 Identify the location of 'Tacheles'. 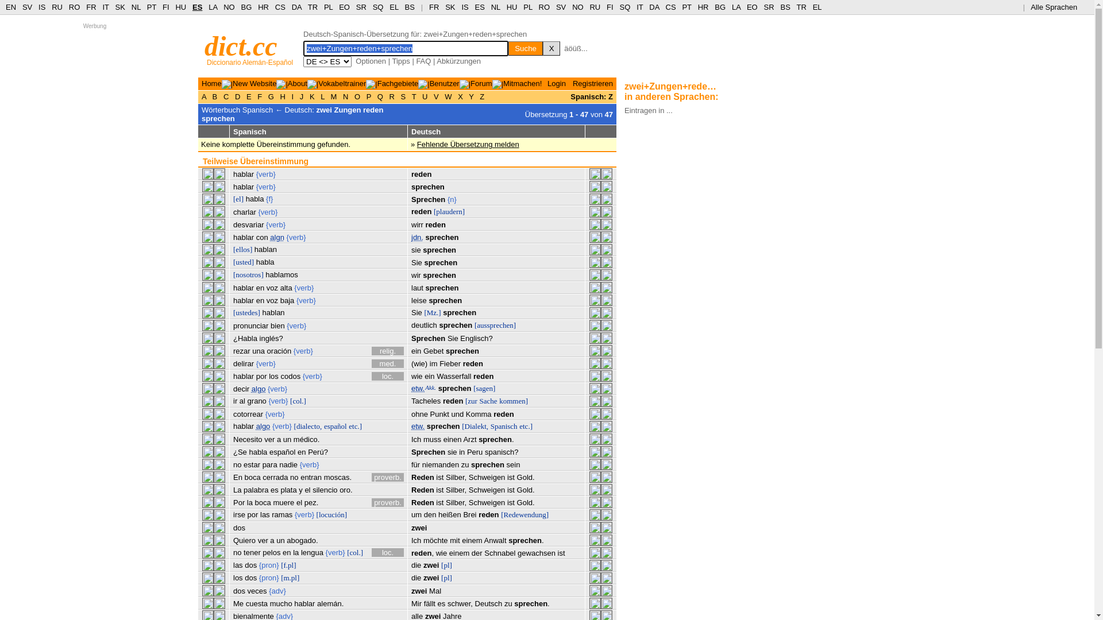
(425, 400).